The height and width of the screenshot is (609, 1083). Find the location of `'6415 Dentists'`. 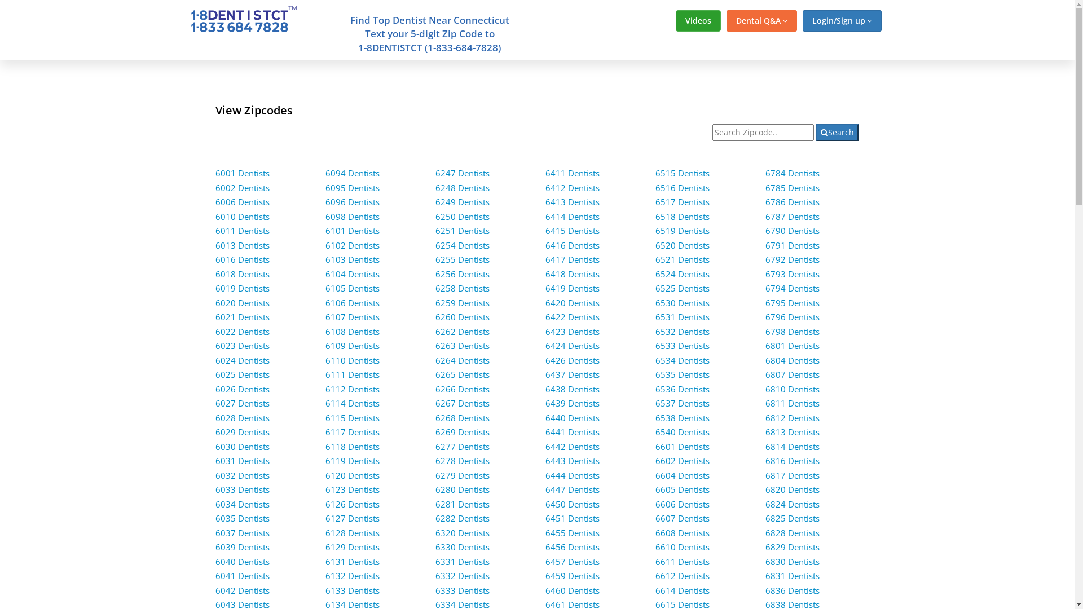

'6415 Dentists' is located at coordinates (572, 230).